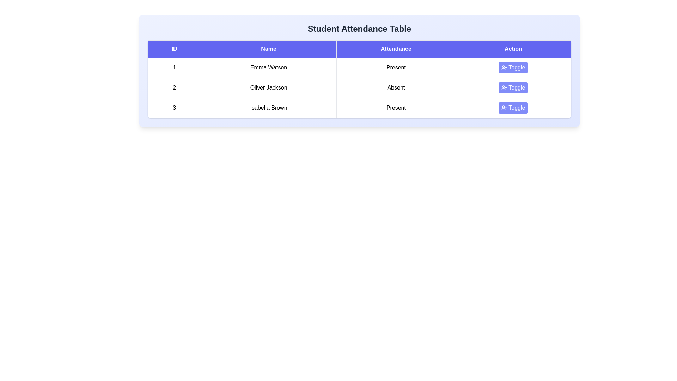 The height and width of the screenshot is (381, 677). Describe the element at coordinates (513, 48) in the screenshot. I see `the table header cell labeled 'Action', which has a blue background and white text, located in the top-right corner of the table header row` at that location.